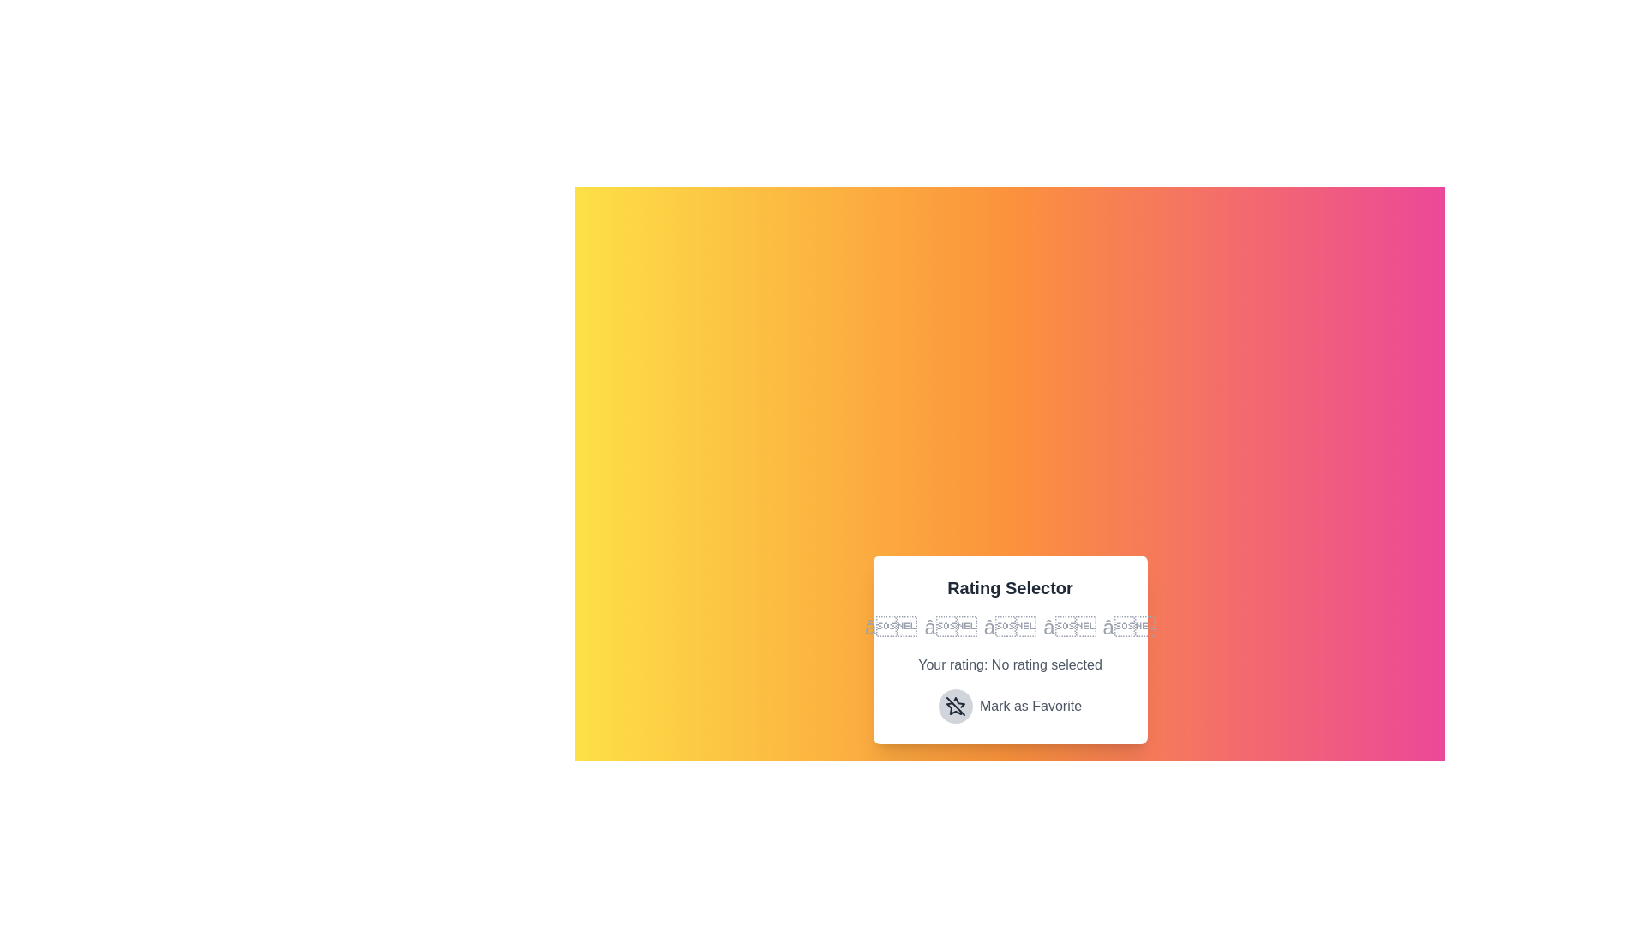 Image resolution: width=1646 pixels, height=926 pixels. I want to click on the fourth star in the horizontal row of five stars, so click(1068, 628).